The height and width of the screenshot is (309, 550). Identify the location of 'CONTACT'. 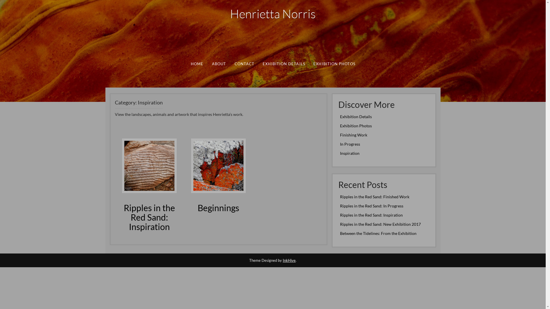
(244, 64).